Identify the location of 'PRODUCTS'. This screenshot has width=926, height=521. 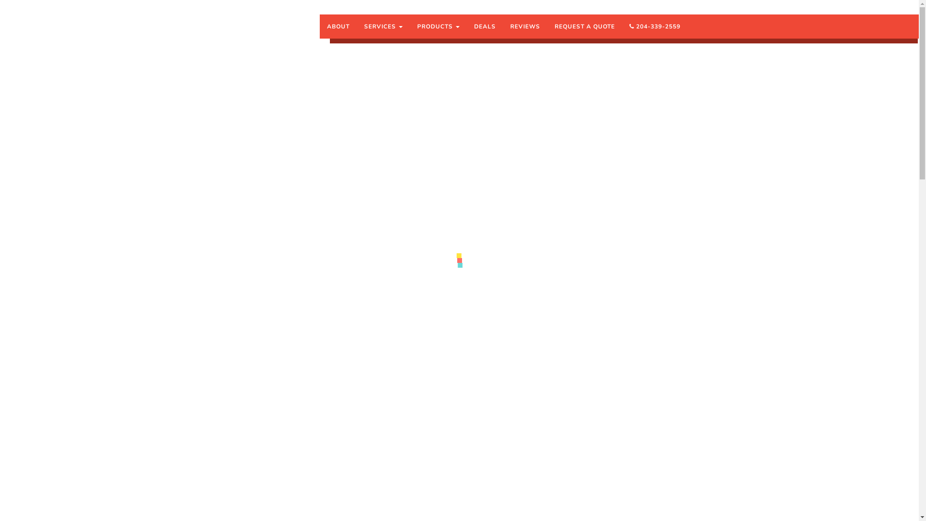
(437, 26).